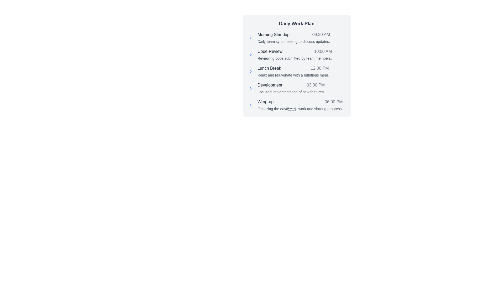  I want to click on the 'Wrap-up' list entry in the Daily Work Plan, so click(297, 105).